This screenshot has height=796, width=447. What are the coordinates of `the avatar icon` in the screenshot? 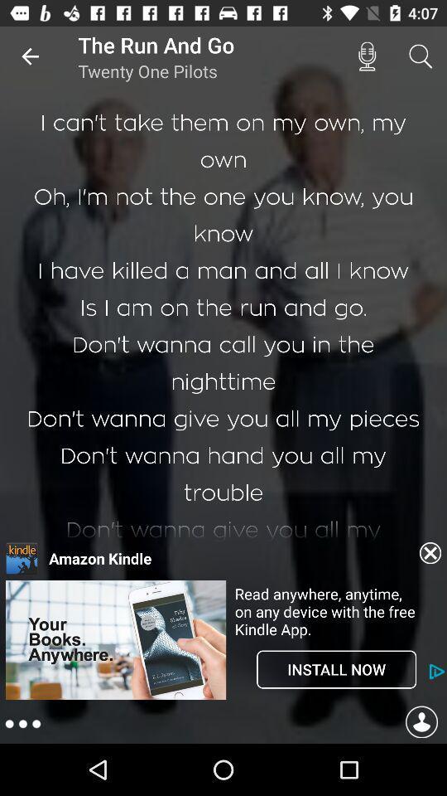 It's located at (421, 723).